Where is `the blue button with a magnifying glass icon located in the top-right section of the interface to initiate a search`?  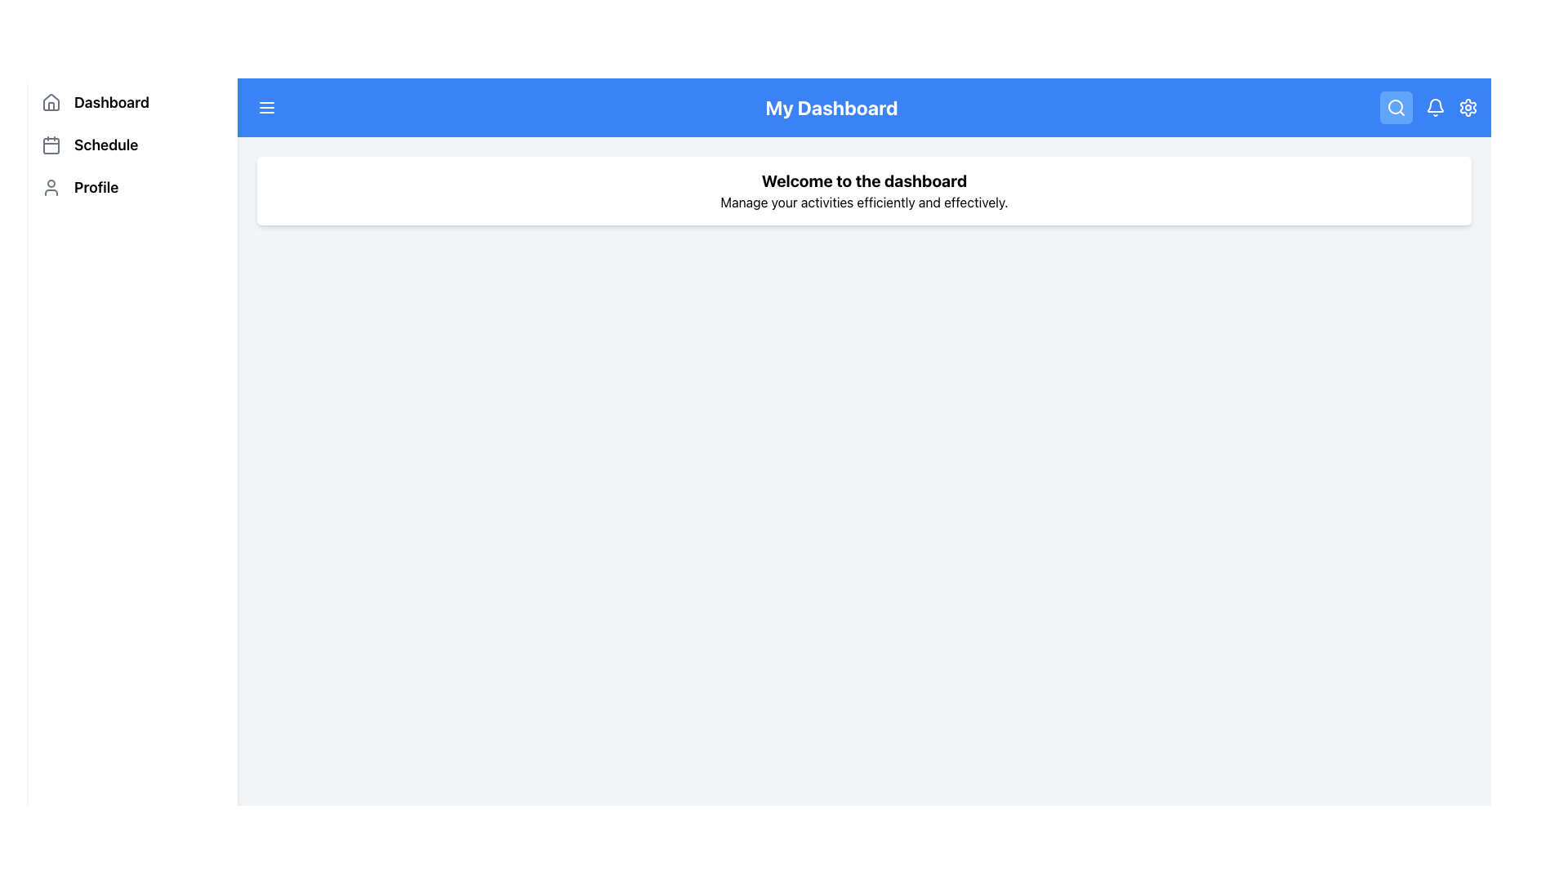
the blue button with a magnifying glass icon located in the top-right section of the interface to initiate a search is located at coordinates (1395, 107).